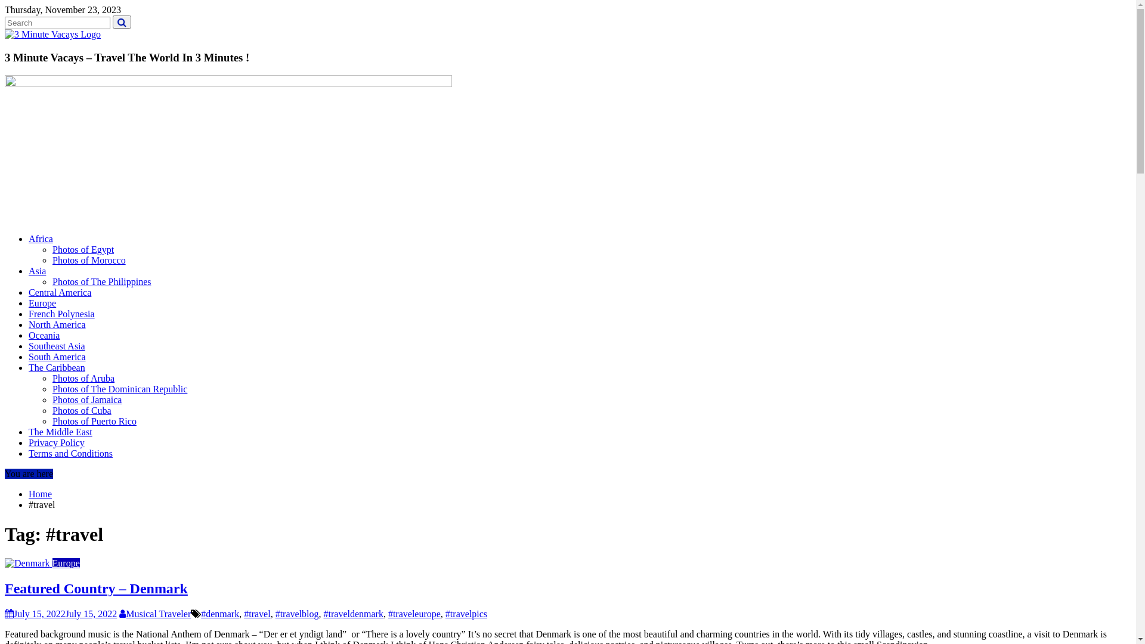  What do you see at coordinates (81, 410) in the screenshot?
I see `'Photos of Cuba'` at bounding box center [81, 410].